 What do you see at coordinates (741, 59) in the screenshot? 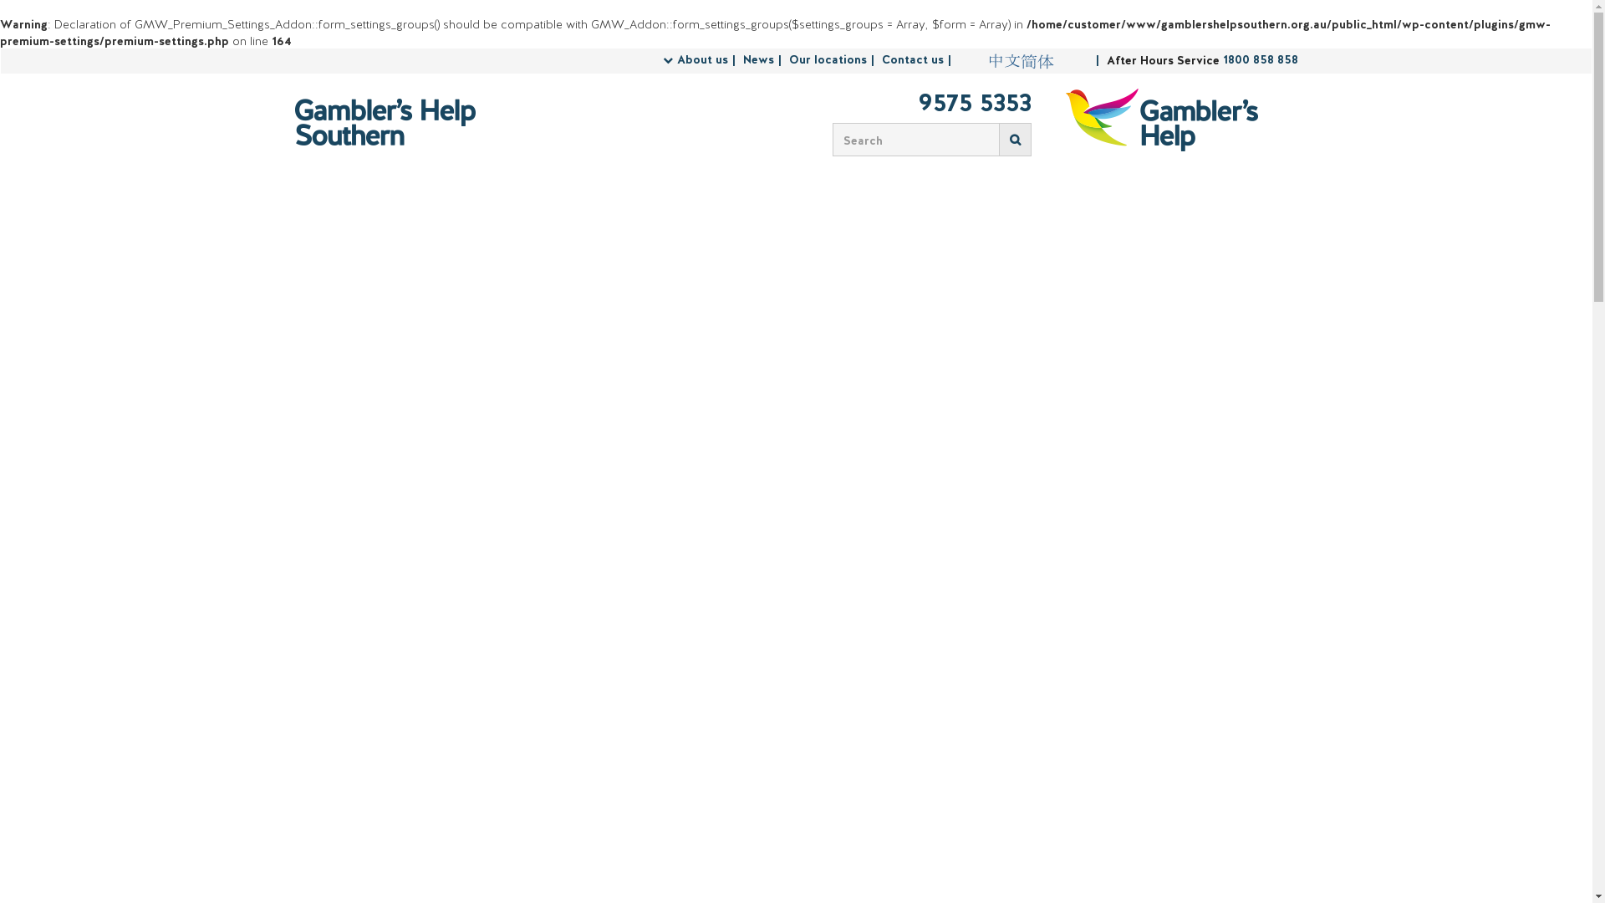
I see `'News'` at bounding box center [741, 59].